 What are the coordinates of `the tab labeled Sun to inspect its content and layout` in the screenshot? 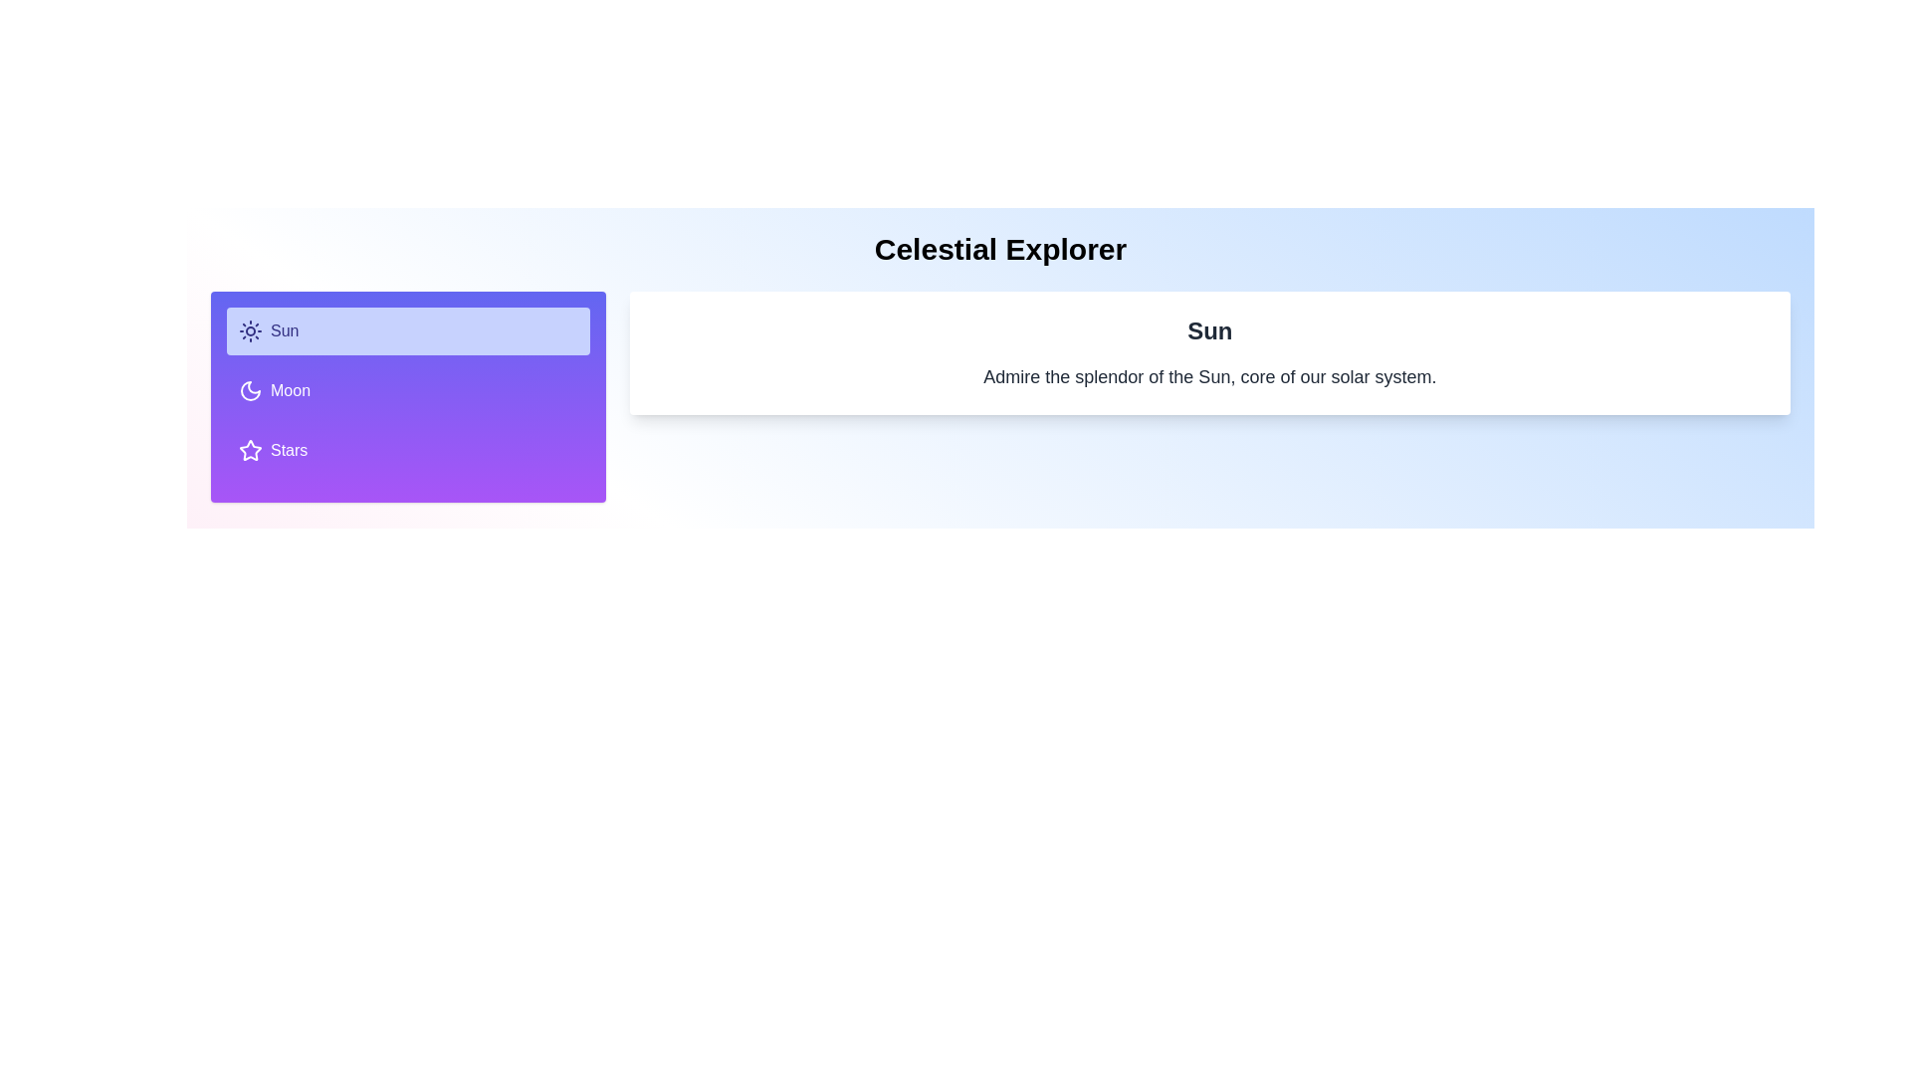 It's located at (406, 329).